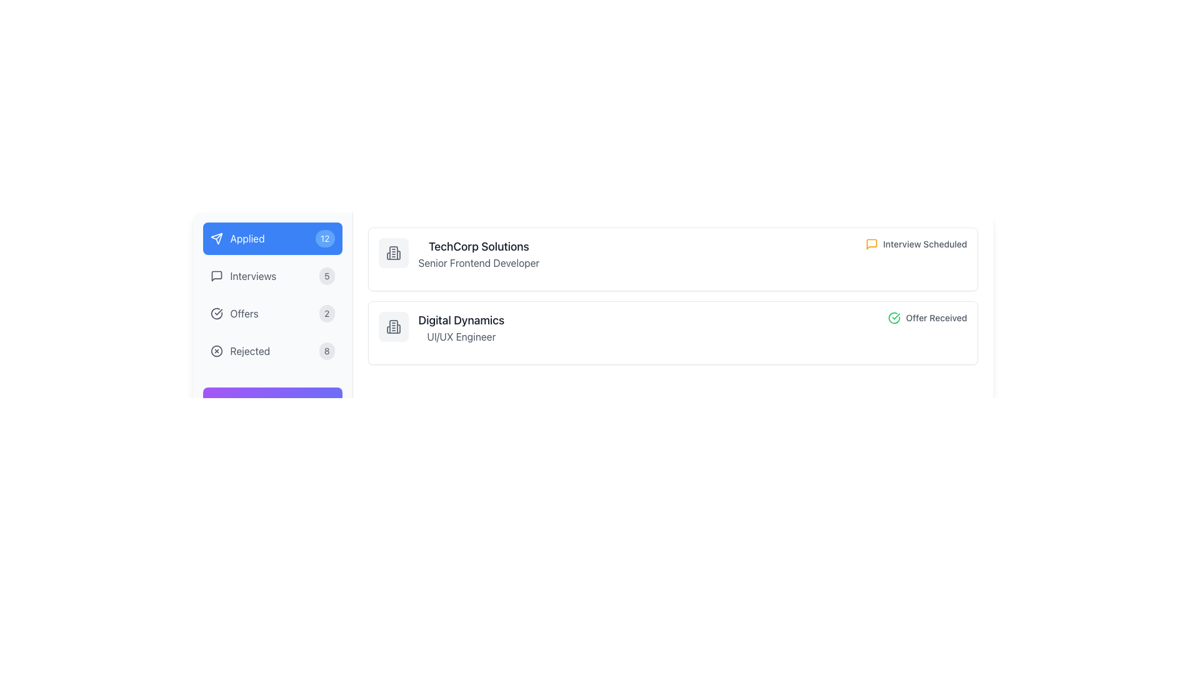 Image resolution: width=1200 pixels, height=675 pixels. What do you see at coordinates (216, 312) in the screenshot?
I see `the SVG-based icon representing a status marker, which is a circular outline with a checkmark inside, located to the left of the text 'Offers'` at bounding box center [216, 312].